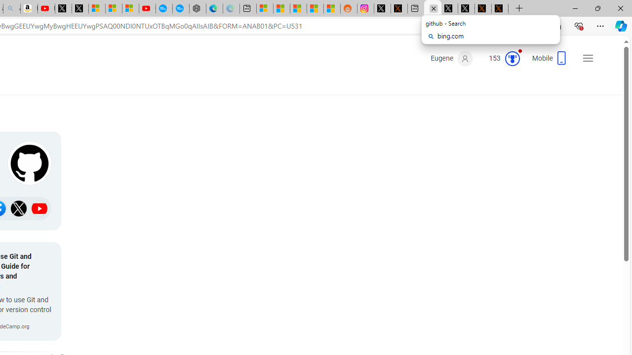 The height and width of the screenshot is (355, 632). Describe the element at coordinates (501, 59) in the screenshot. I see `'Microsoft Rewards 153'` at that location.